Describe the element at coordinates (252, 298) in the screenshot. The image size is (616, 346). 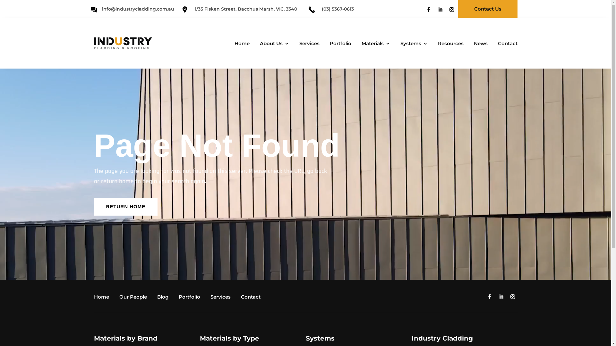
I see `'Contact'` at that location.